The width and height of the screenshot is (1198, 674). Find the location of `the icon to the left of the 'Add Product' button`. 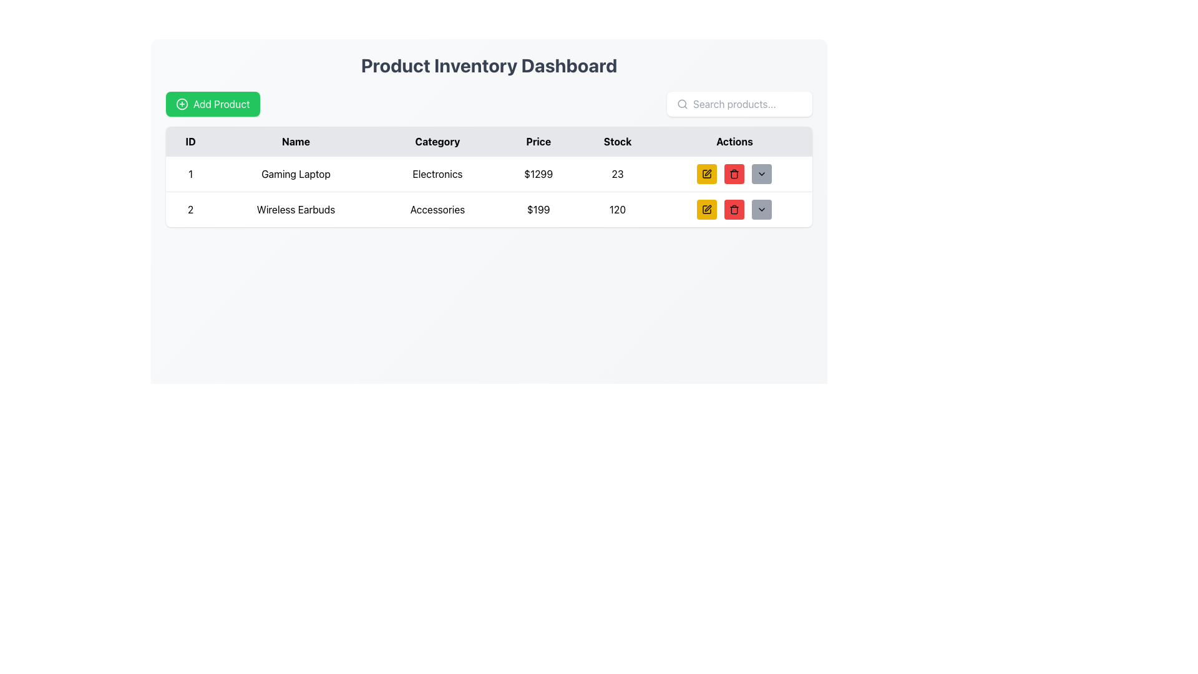

the icon to the left of the 'Add Product' button is located at coordinates (182, 103).